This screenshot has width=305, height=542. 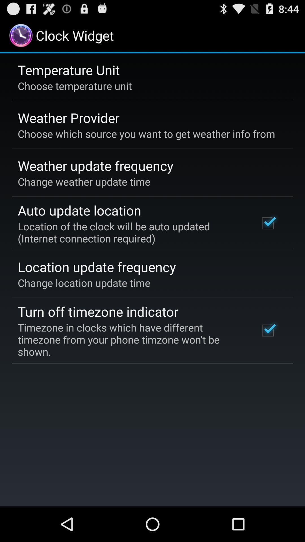 I want to click on last check box, so click(x=267, y=331).